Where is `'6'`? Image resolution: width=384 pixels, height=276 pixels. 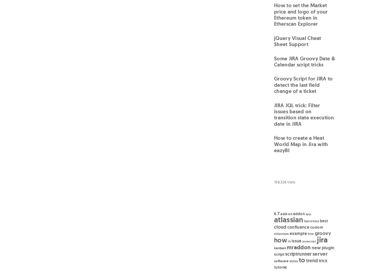
'6' is located at coordinates (275, 213).